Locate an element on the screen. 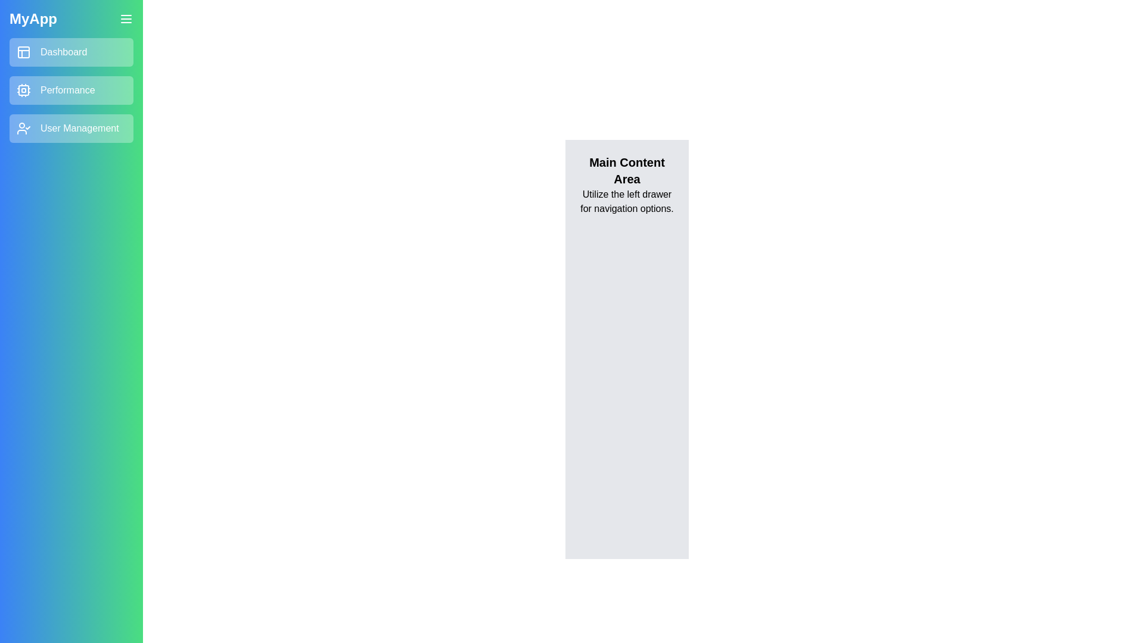 Image resolution: width=1144 pixels, height=643 pixels. the text 'Utilize the left drawer for navigation options.' in the main content area is located at coordinates (626, 201).